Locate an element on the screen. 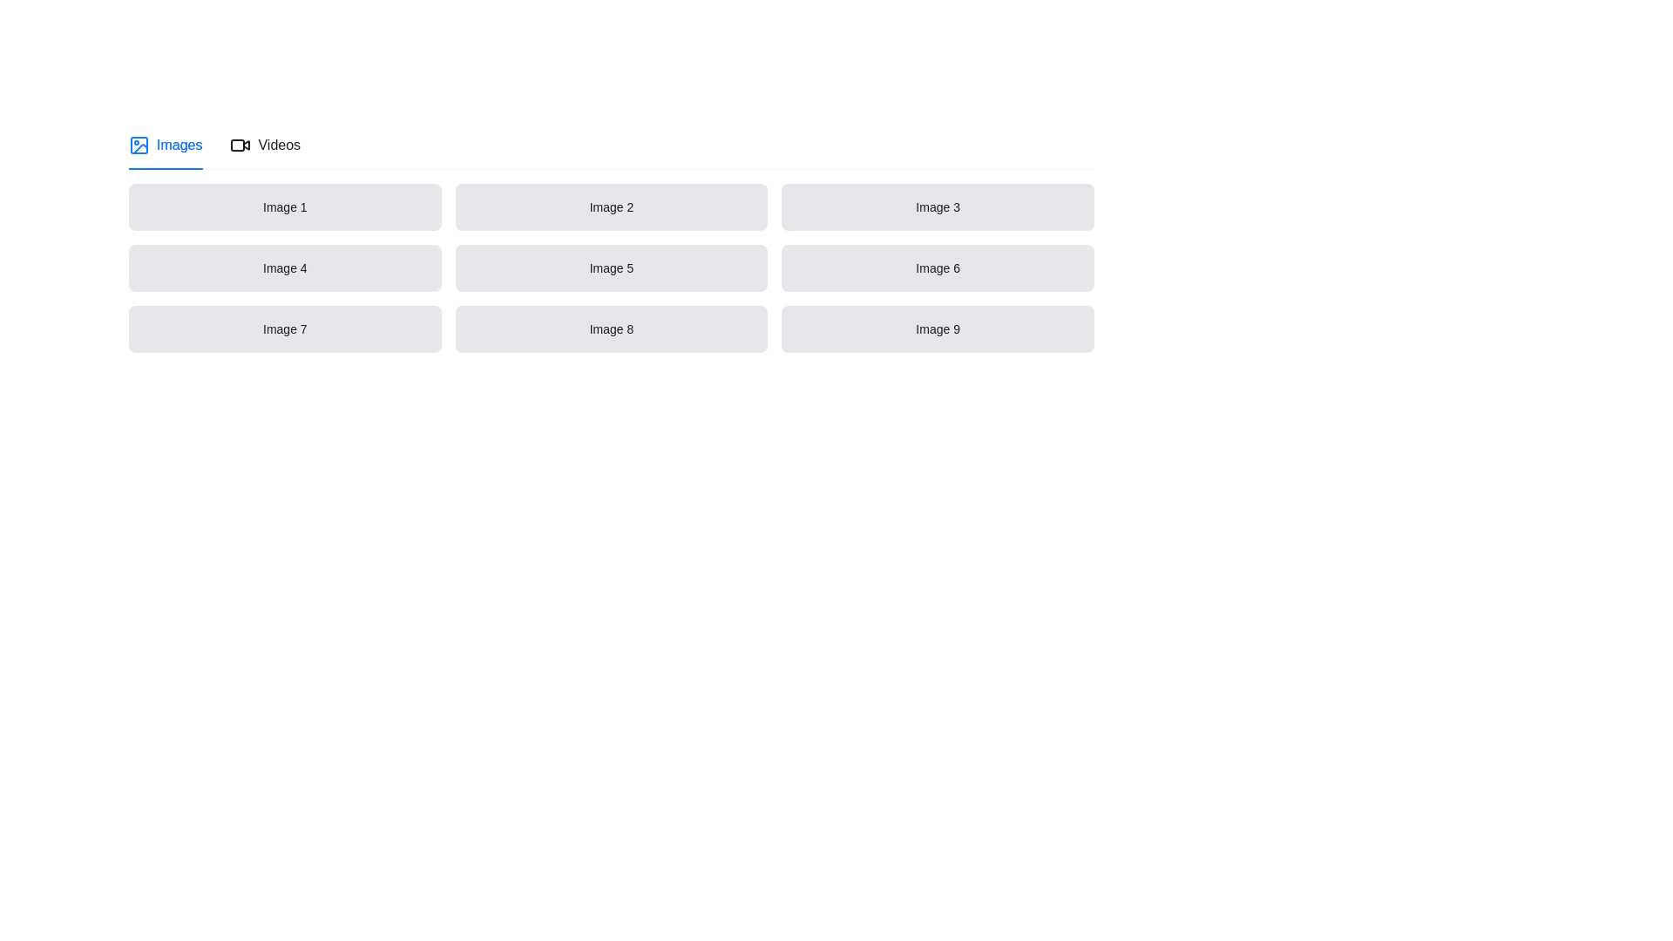  the 'Images' tab button, which is a blue-bordered rectangular icon with the text 'Images' in blue font is located at coordinates (166, 144).